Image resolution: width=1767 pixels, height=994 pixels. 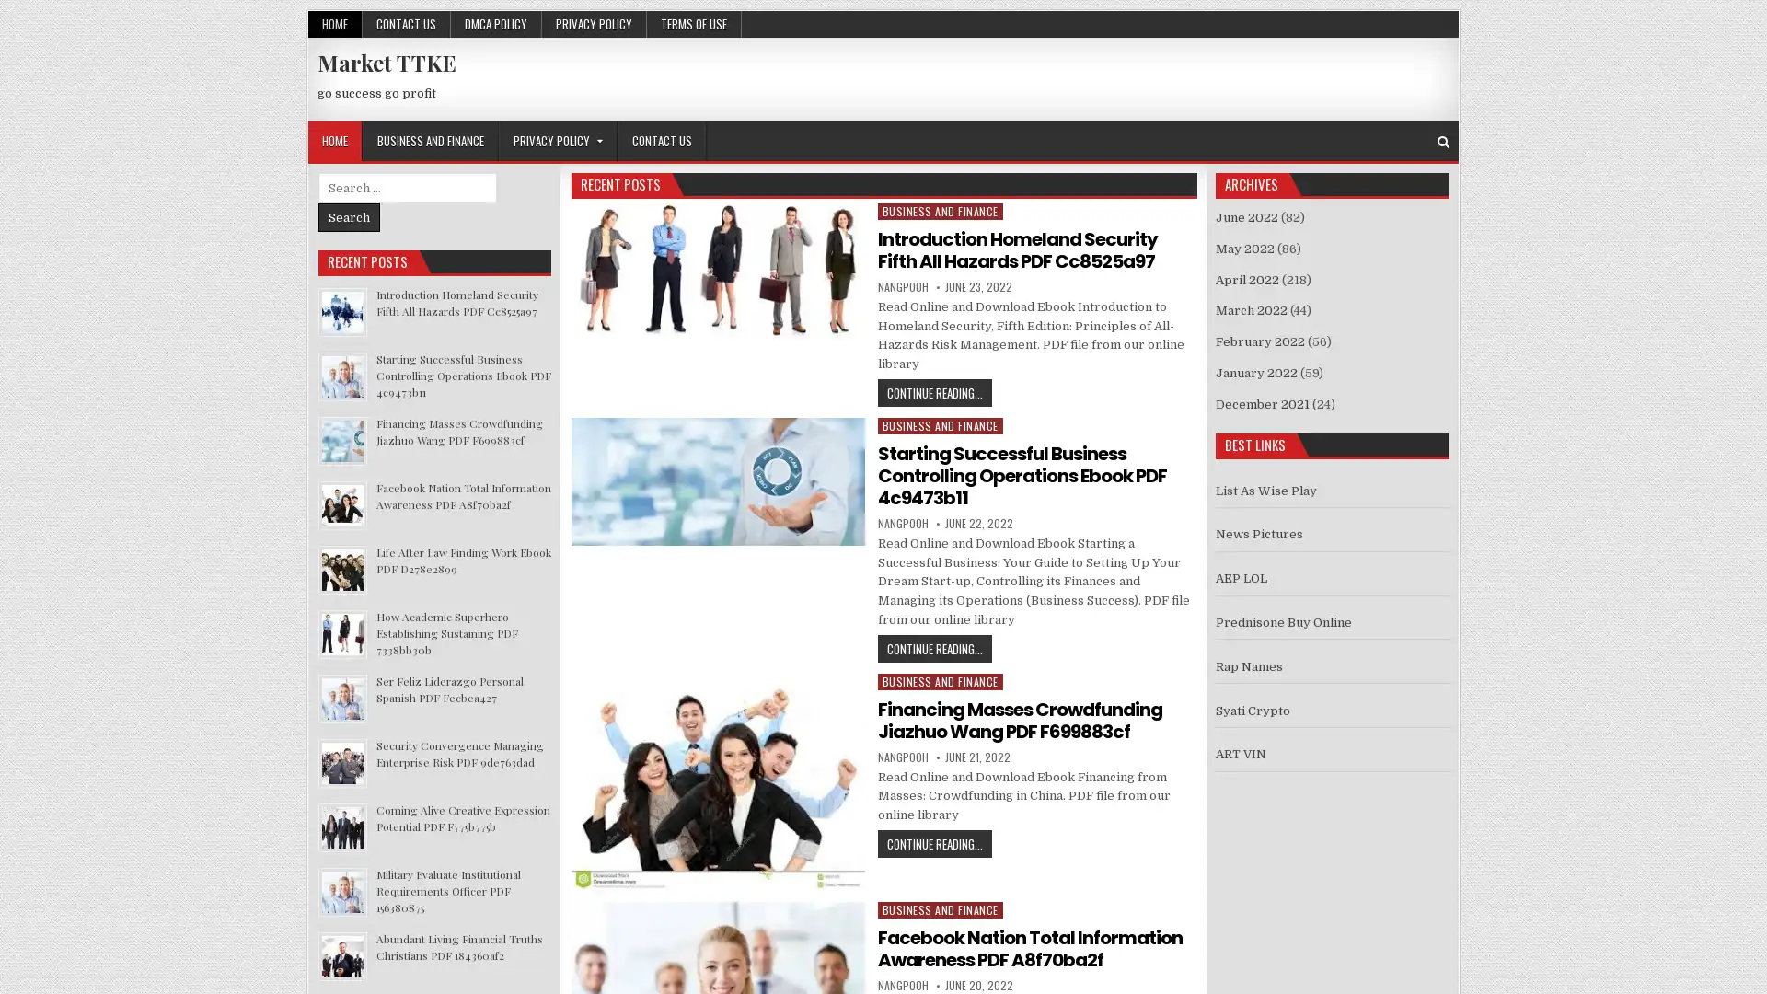 I want to click on Search, so click(x=348, y=216).